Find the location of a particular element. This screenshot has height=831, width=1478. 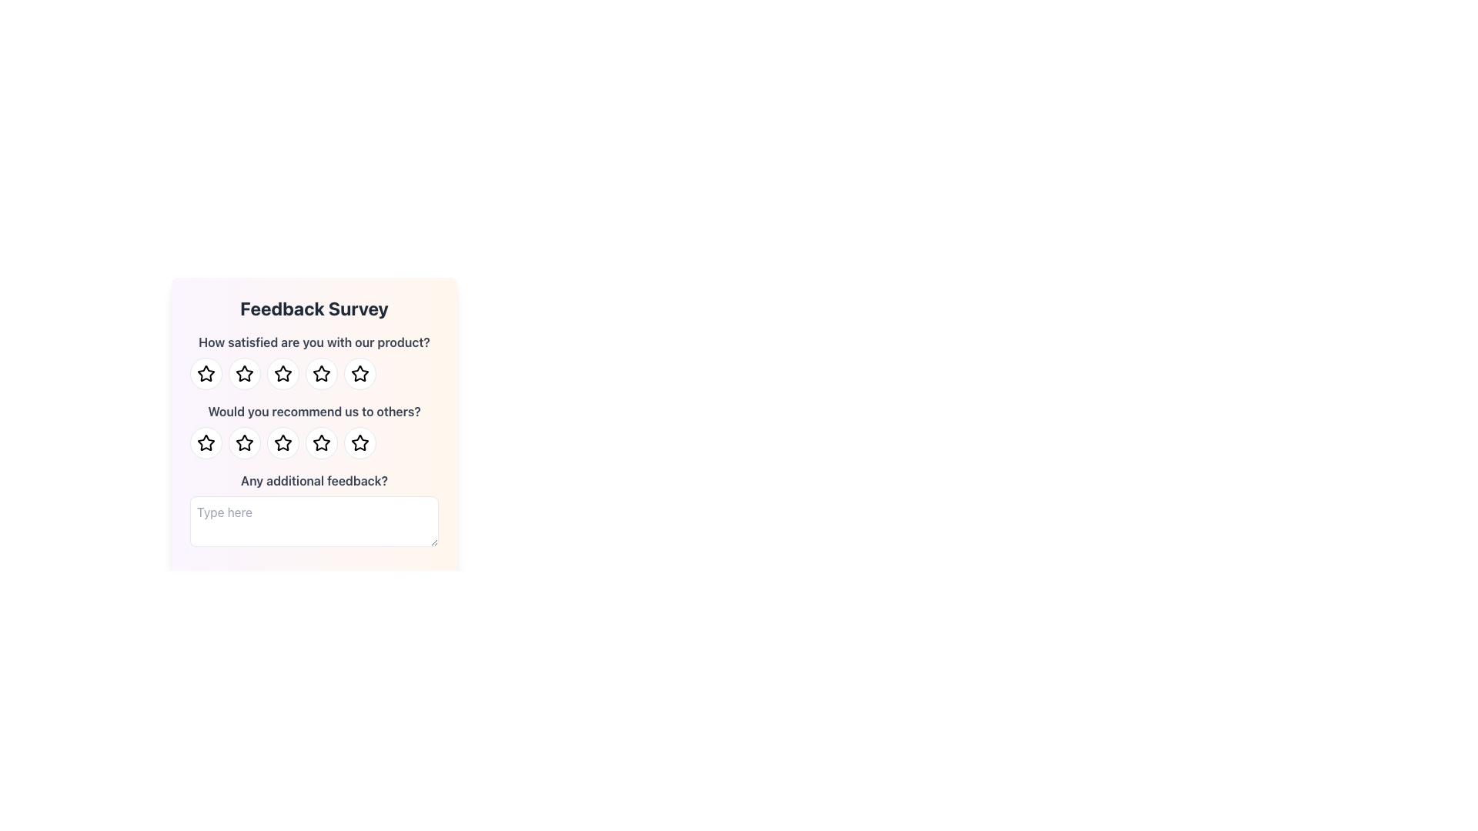

the fifth star button in the second row of the feedback form is located at coordinates (359, 442).